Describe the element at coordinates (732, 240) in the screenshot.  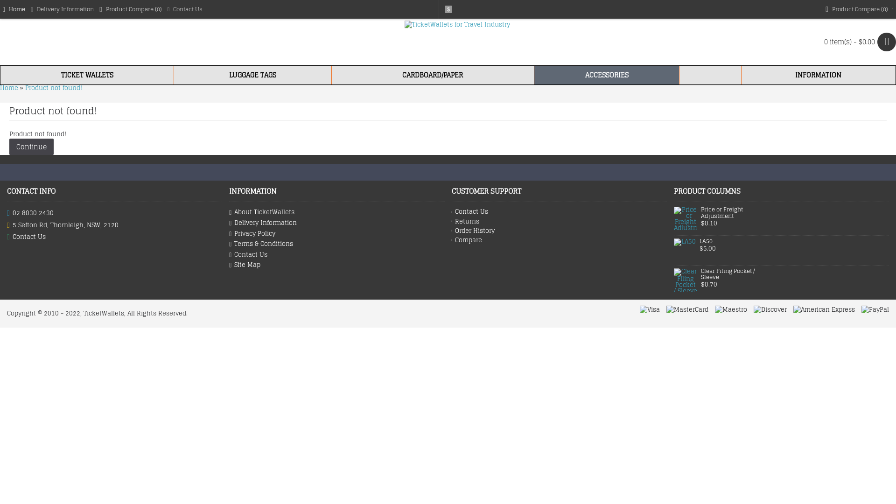
I see `'LA50'` at that location.